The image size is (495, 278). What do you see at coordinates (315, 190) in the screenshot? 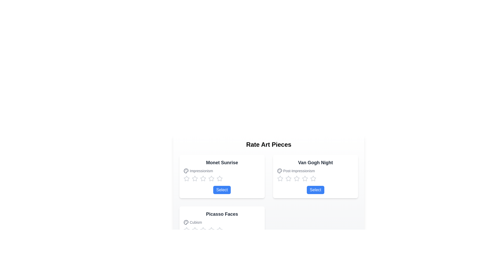
I see `the 'Select' button with a blue background and white text located at the bottom of the 'Van Gogh Night' card` at bounding box center [315, 190].